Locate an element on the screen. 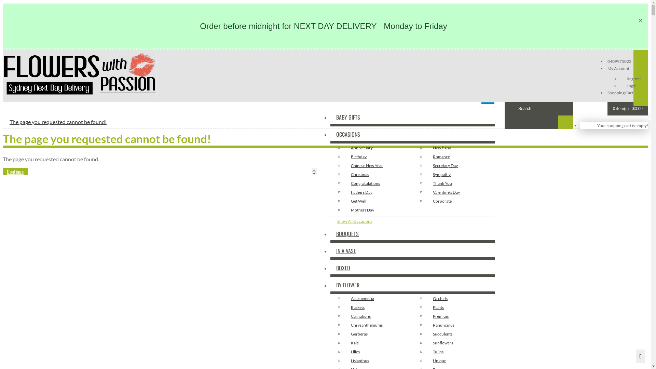 The height and width of the screenshot is (369, 656). 'Thank You' is located at coordinates (460, 183).